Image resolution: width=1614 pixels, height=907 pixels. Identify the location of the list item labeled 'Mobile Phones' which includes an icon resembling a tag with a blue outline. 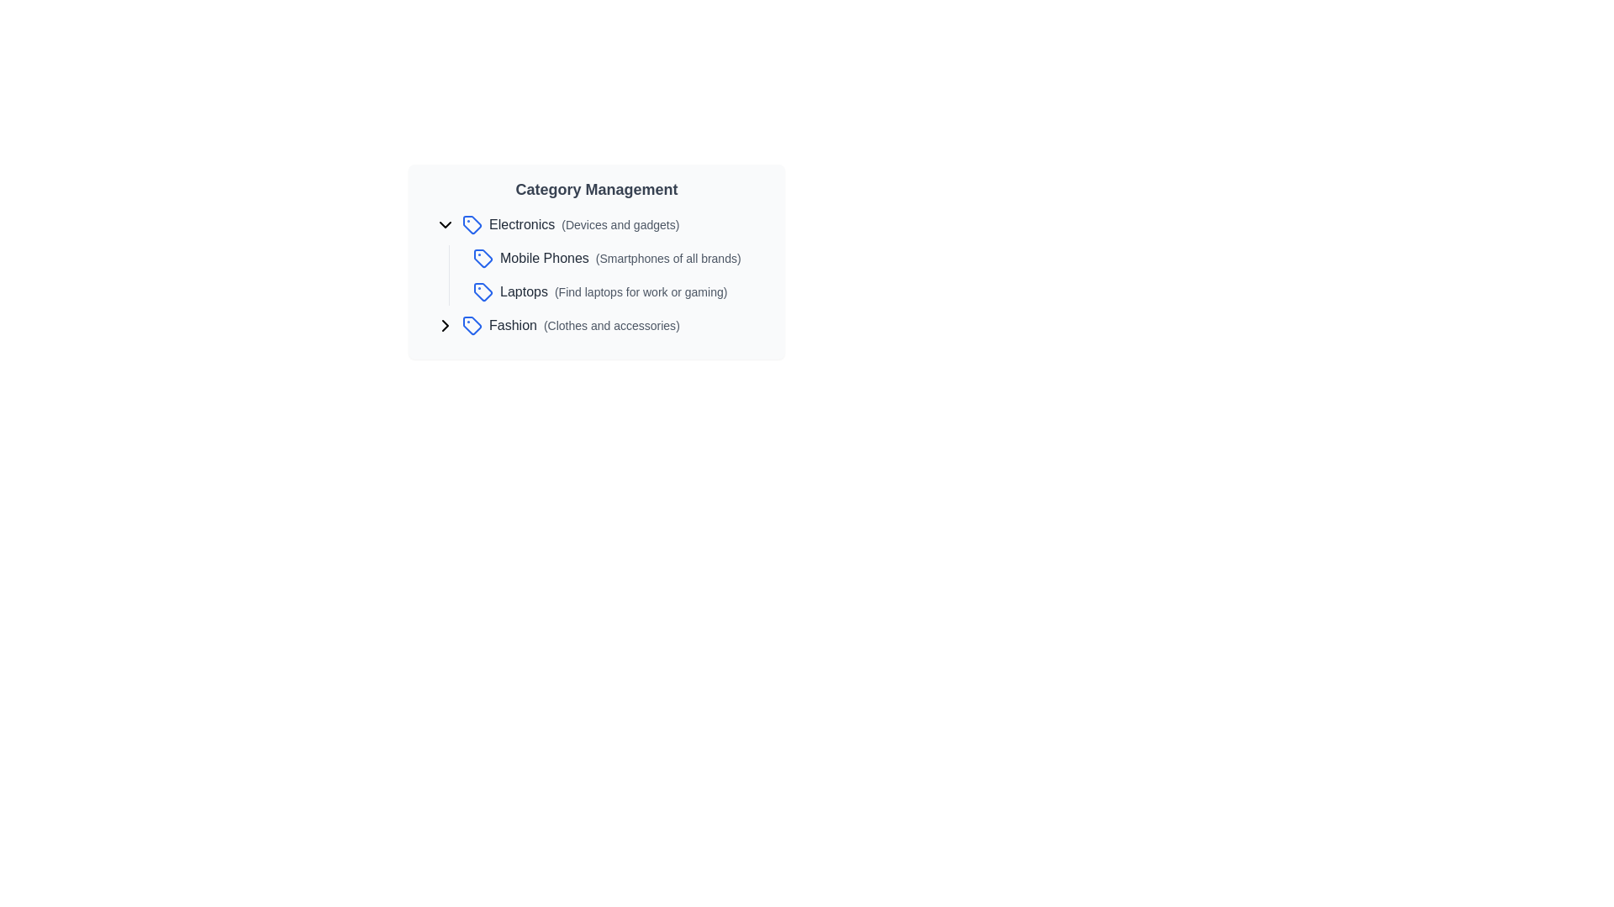
(621, 259).